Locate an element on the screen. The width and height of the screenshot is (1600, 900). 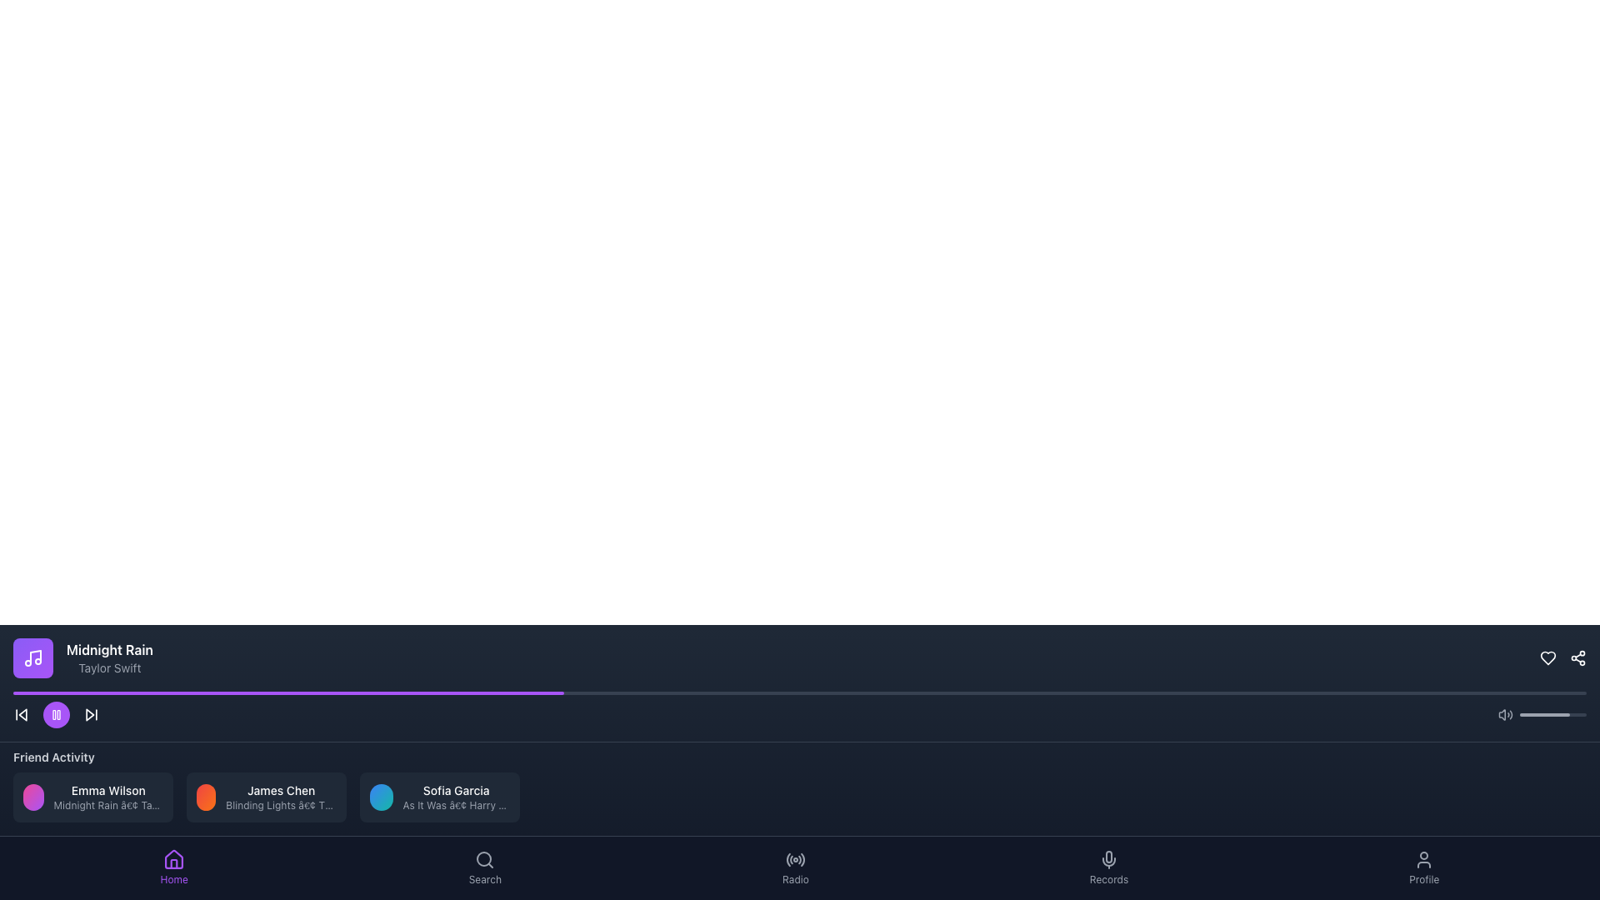
the circular avatar for user 'James Chen' in the 'Friend Activity' section, which serves as a visual identifier or profile picture is located at coordinates (205, 796).